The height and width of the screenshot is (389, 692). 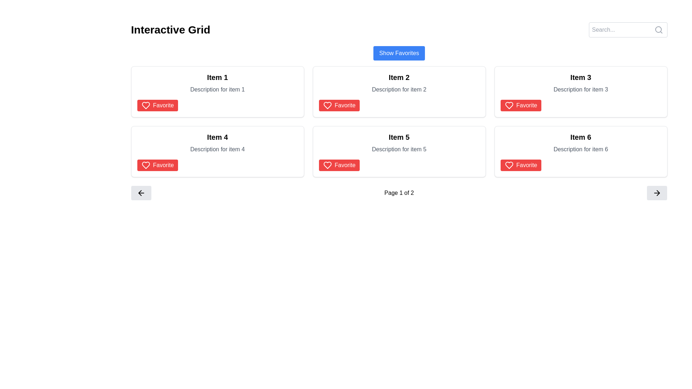 I want to click on the gray rectangular button with rounded corners and a left-pointing arrow, so click(x=141, y=193).